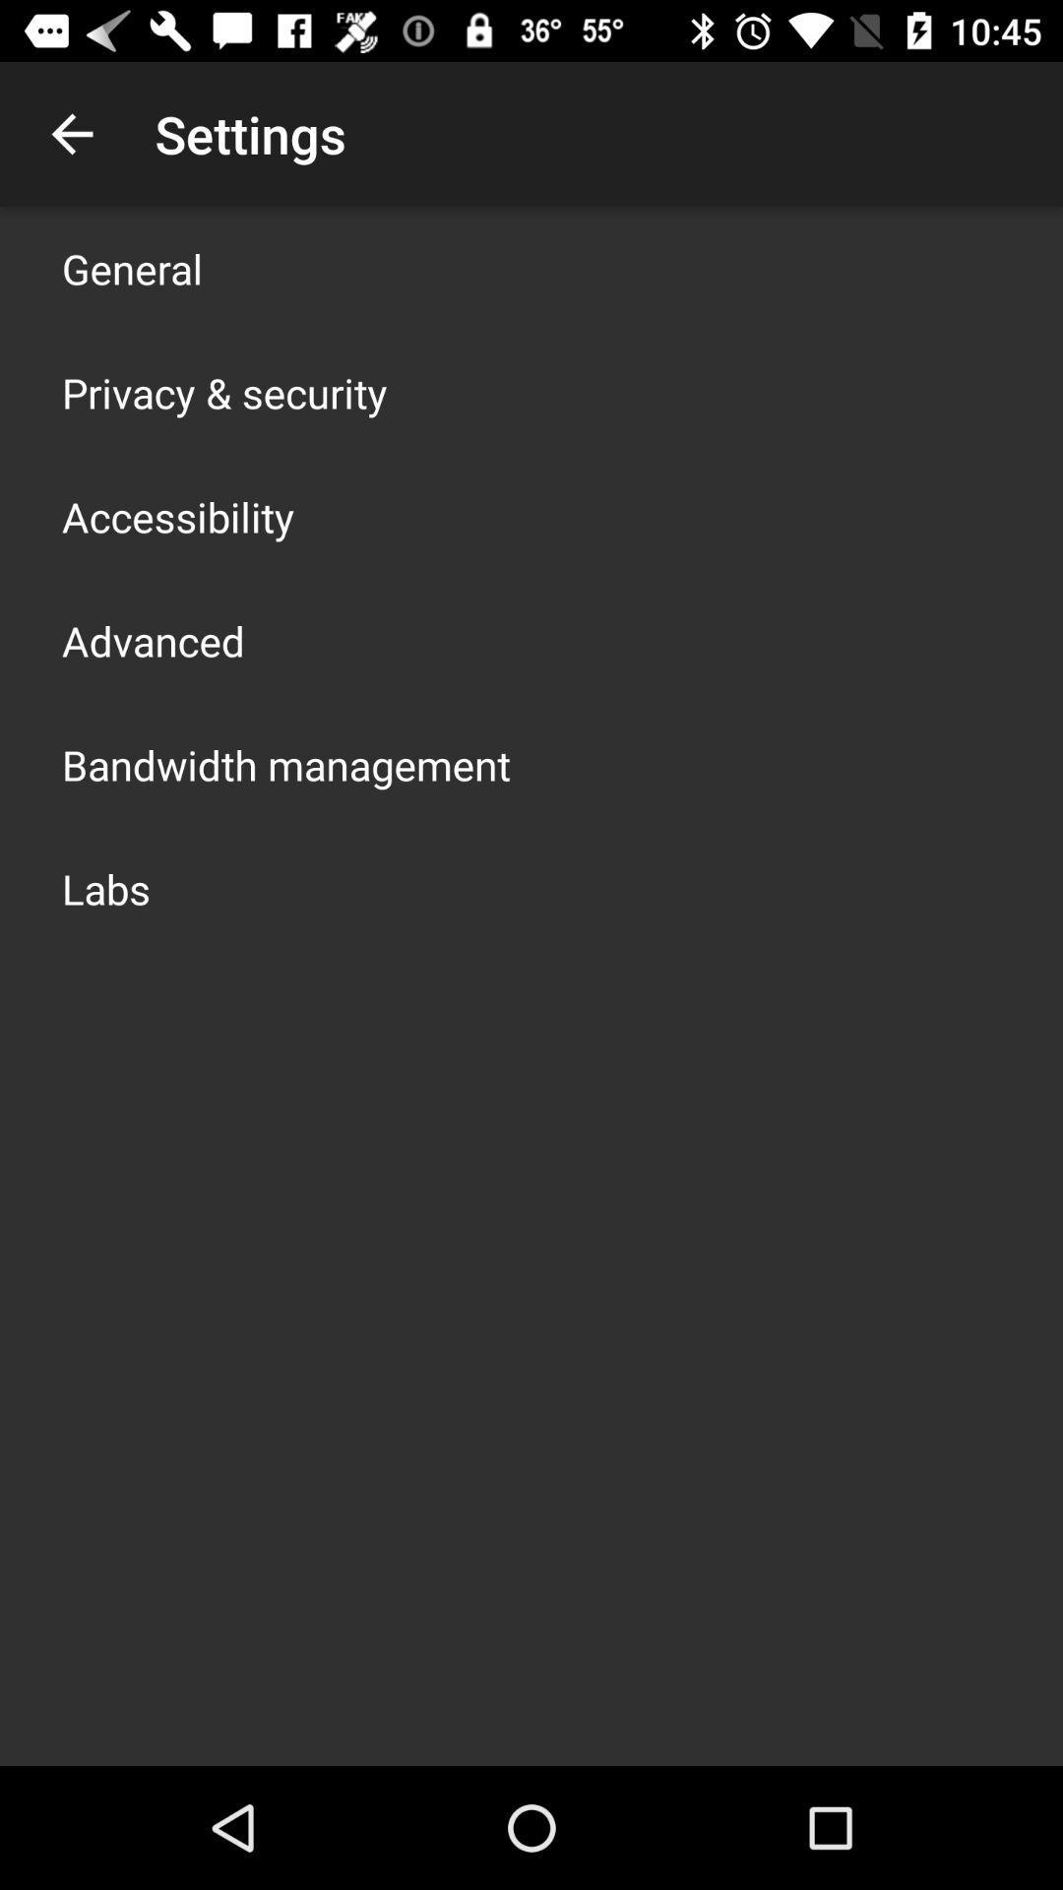  Describe the element at coordinates (152, 641) in the screenshot. I see `app below the accessibility` at that location.